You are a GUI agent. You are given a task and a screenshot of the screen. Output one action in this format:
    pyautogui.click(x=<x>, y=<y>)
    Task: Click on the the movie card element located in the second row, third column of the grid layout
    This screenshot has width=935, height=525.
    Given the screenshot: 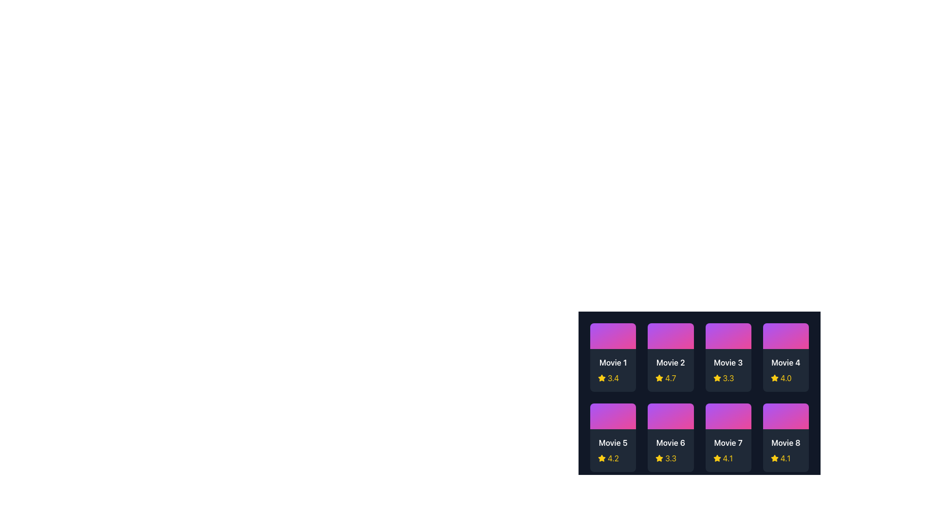 What is the action you would take?
    pyautogui.click(x=728, y=437)
    